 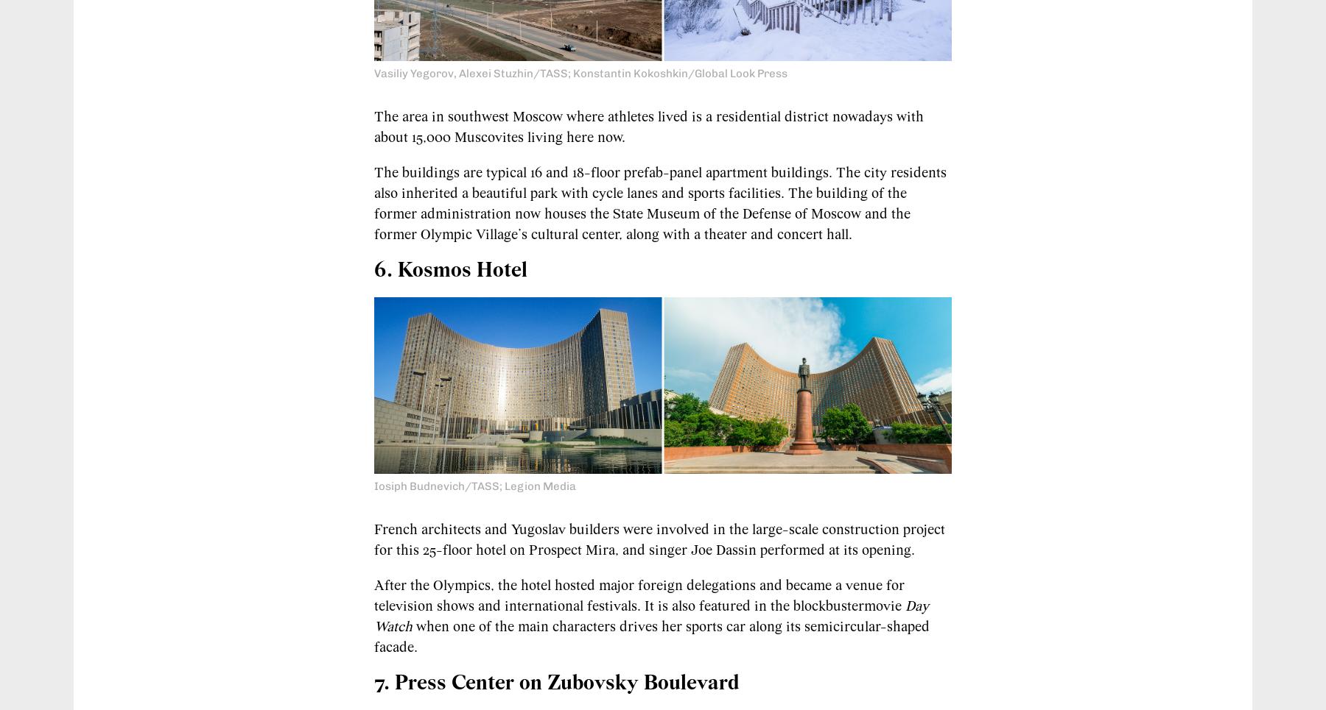 What do you see at coordinates (639, 596) in the screenshot?
I see `'After the Olympics, the hotel hosted major foreign delegations and became a venue for television shows and international festivals. It is also featured in the blockbuster'` at bounding box center [639, 596].